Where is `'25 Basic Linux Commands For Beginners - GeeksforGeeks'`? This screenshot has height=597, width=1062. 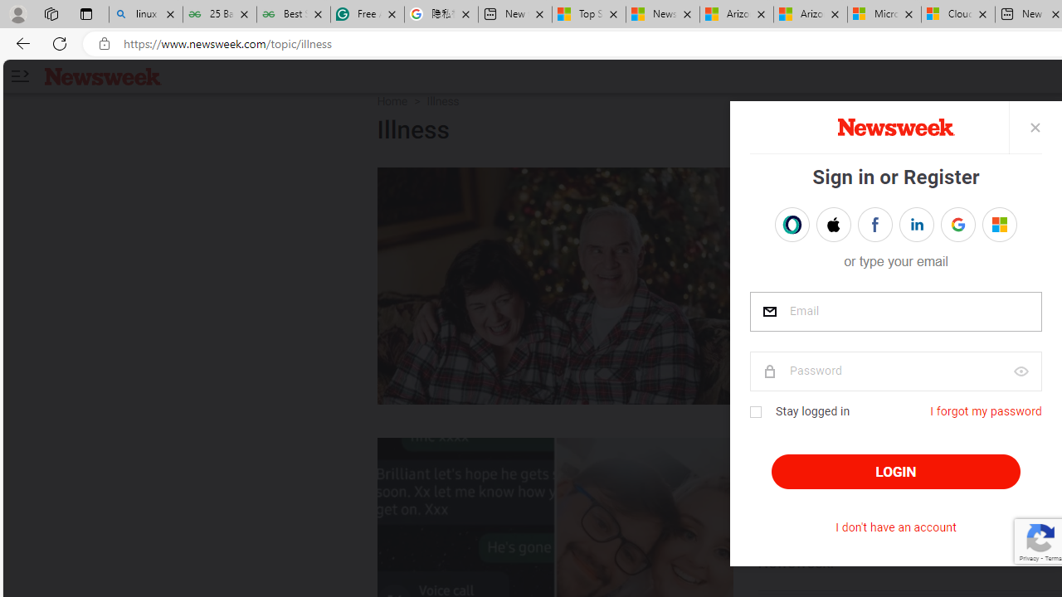
'25 Basic Linux Commands For Beginners - GeeksforGeeks' is located at coordinates (218, 14).